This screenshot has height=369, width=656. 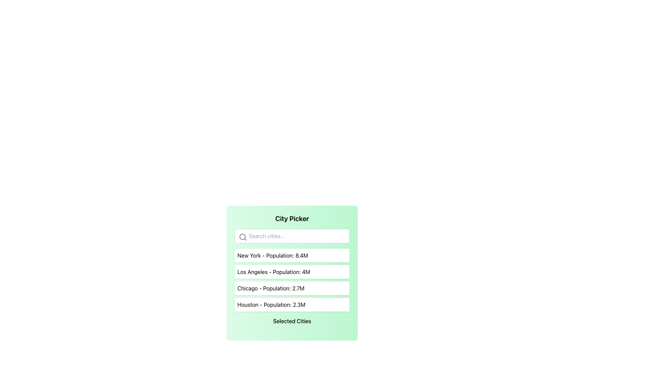 What do you see at coordinates (292, 219) in the screenshot?
I see `the 'City Picker' header text, which is displayed in bold and extra-large size at the top of its content card with a light green gradient background` at bounding box center [292, 219].